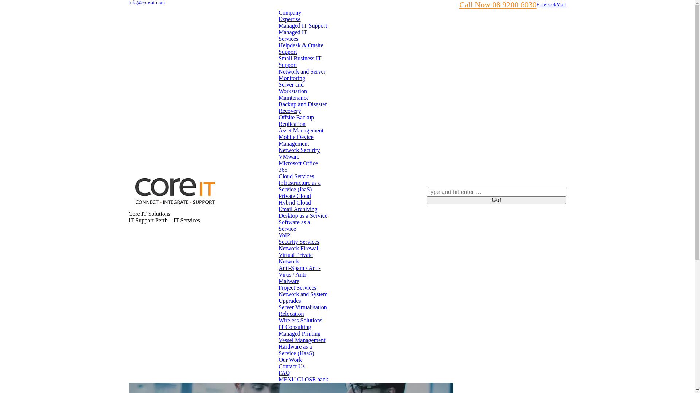 The image size is (700, 393). Describe the element at coordinates (296, 176) in the screenshot. I see `'Cloud Services'` at that location.